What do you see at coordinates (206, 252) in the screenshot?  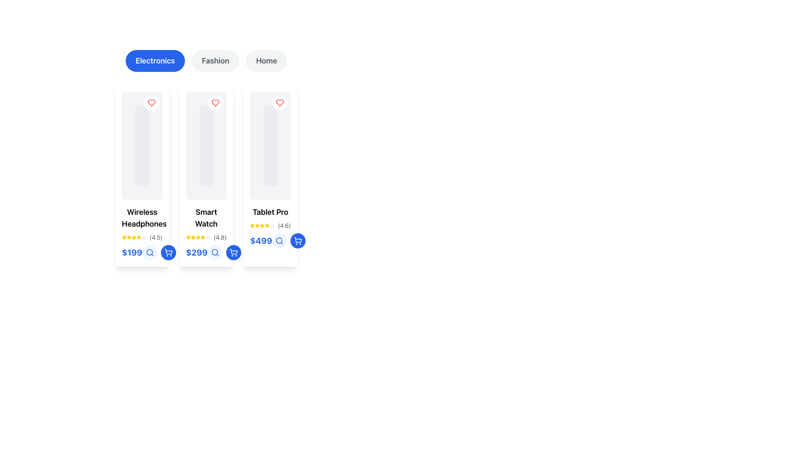 I see `the Price tag element displaying '$299' in bold, blue font located at the bottom of the 'Smart Watch' product card` at bounding box center [206, 252].